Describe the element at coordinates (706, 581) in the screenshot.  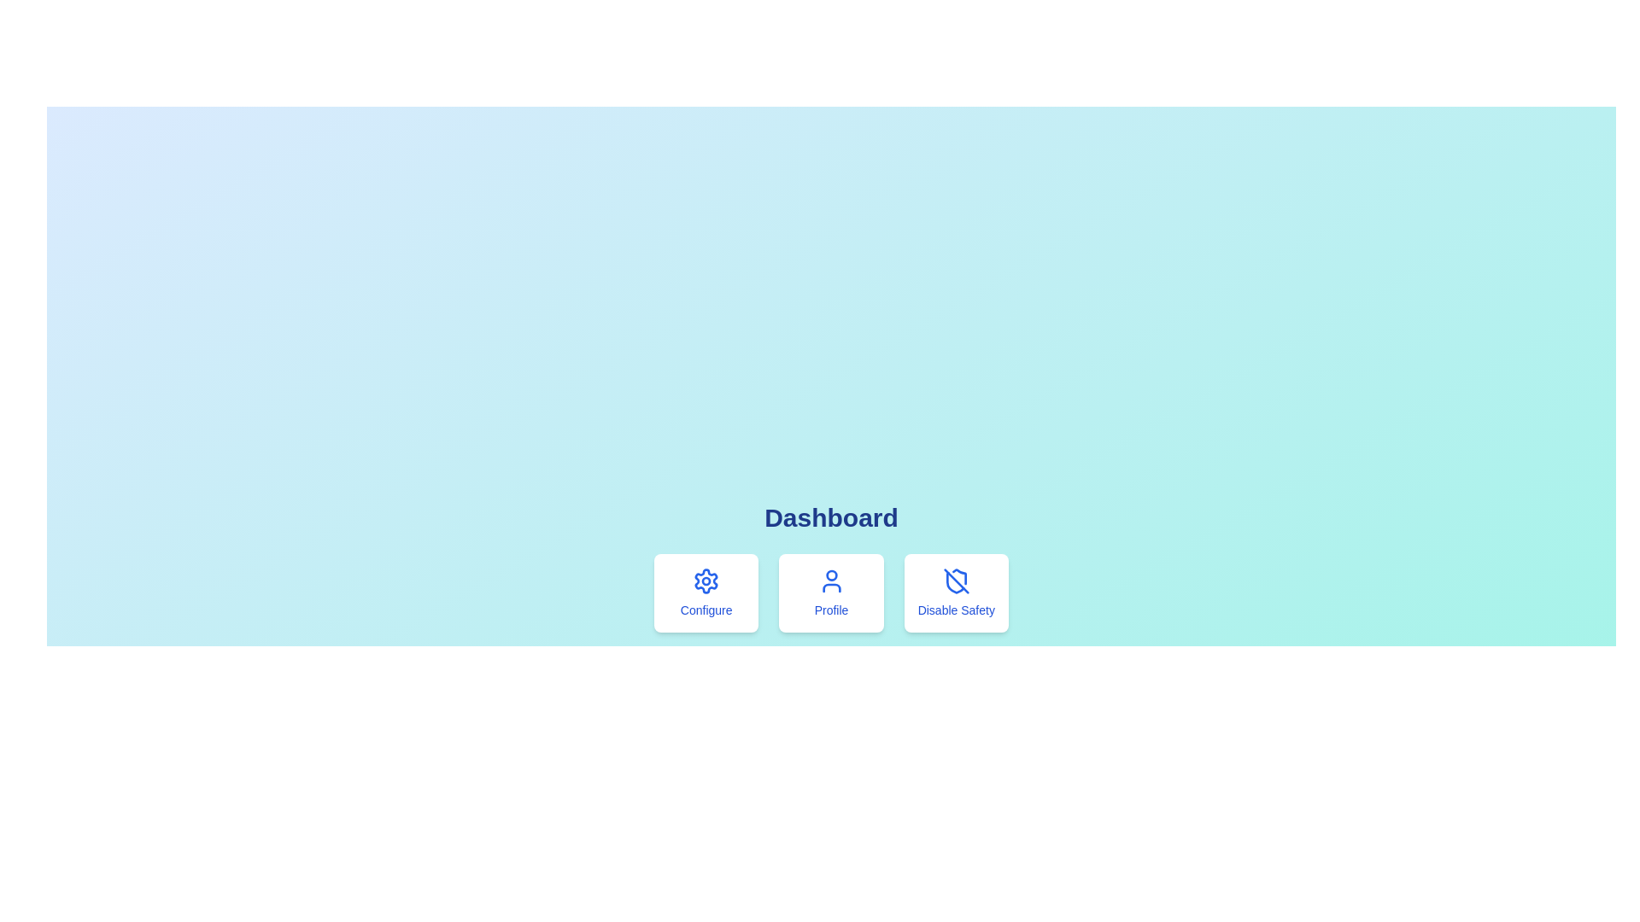
I see `the gear icon, styled in blue and located within the first rectangular card labeled 'Configure'` at that location.